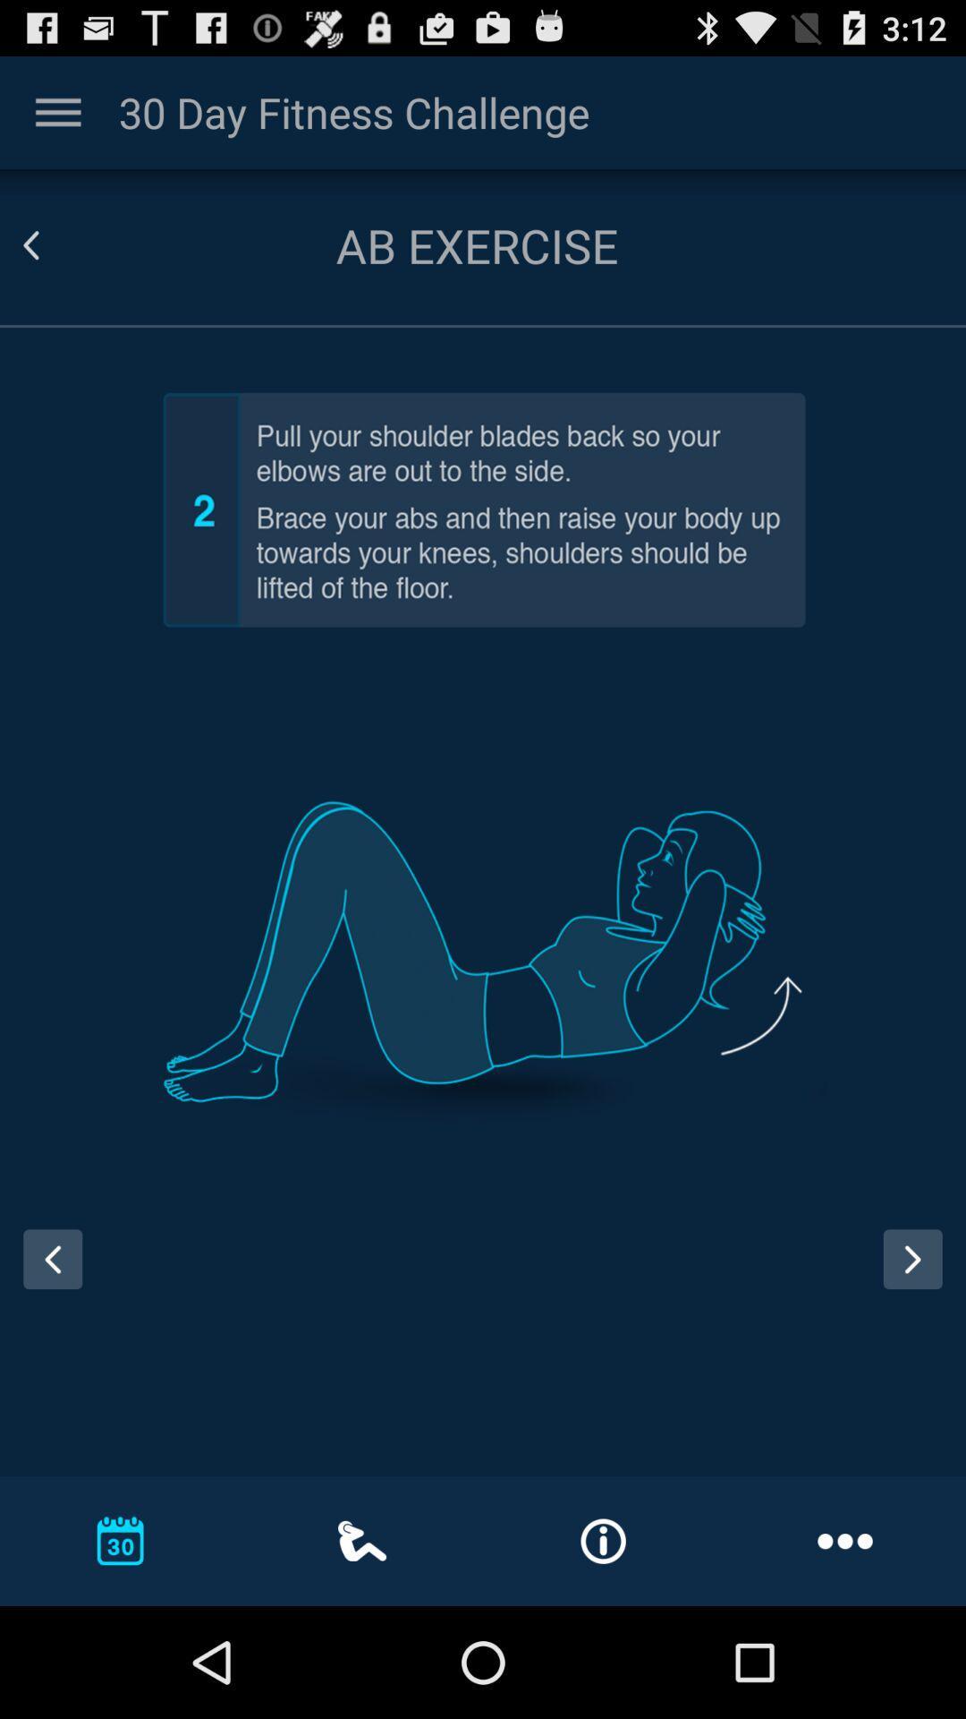 Image resolution: width=966 pixels, height=1719 pixels. I want to click on the arrow_backward icon, so click(52, 261).